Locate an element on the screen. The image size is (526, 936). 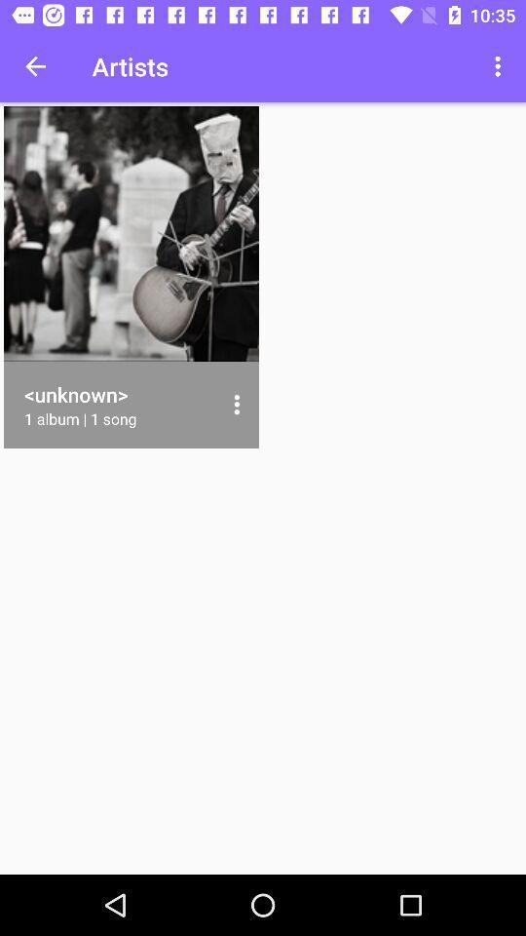
item next to artists is located at coordinates (35, 66).